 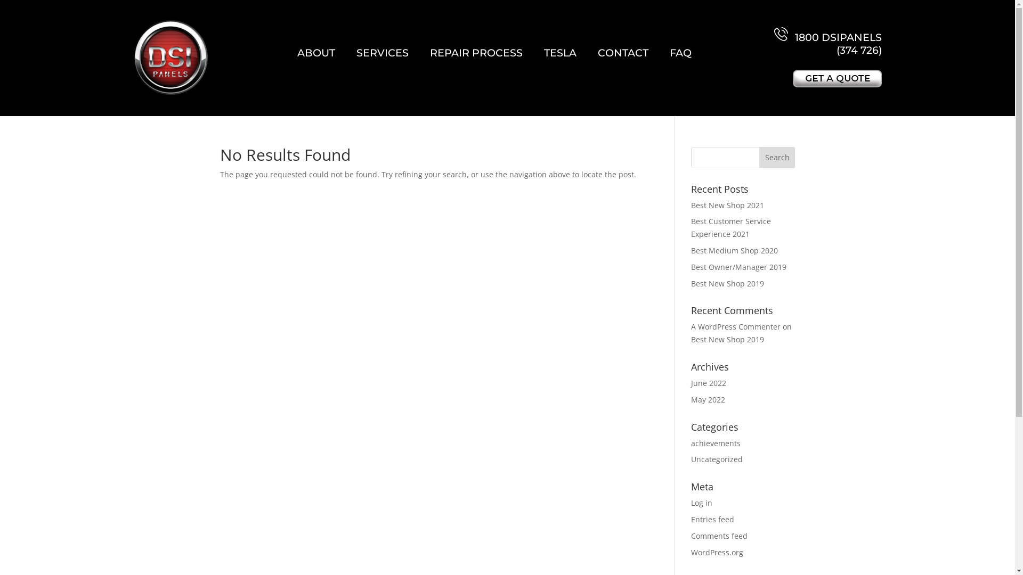 What do you see at coordinates (717, 458) in the screenshot?
I see `'Uncategorized'` at bounding box center [717, 458].